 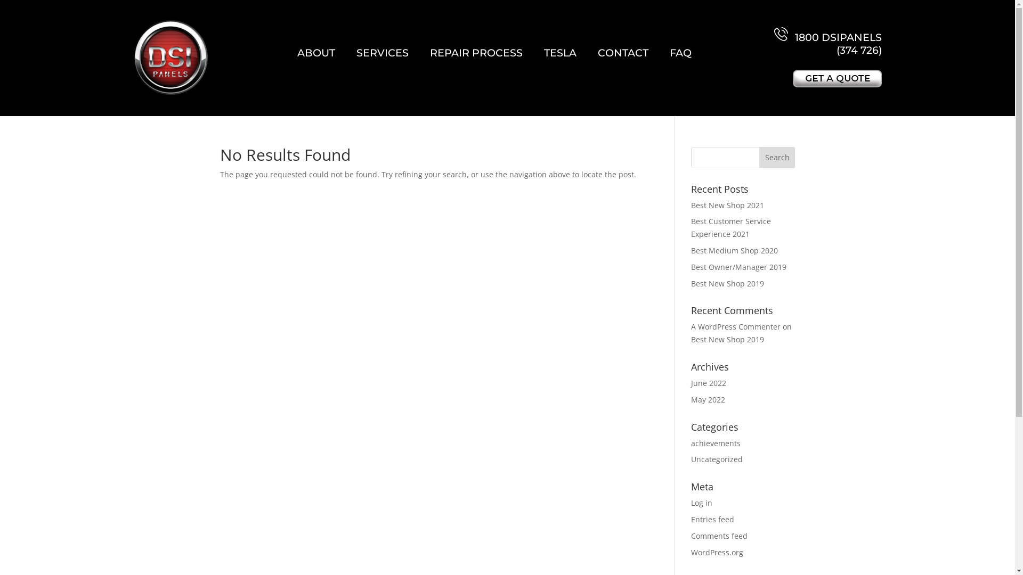 What do you see at coordinates (717, 458) in the screenshot?
I see `'Uncategorized'` at bounding box center [717, 458].